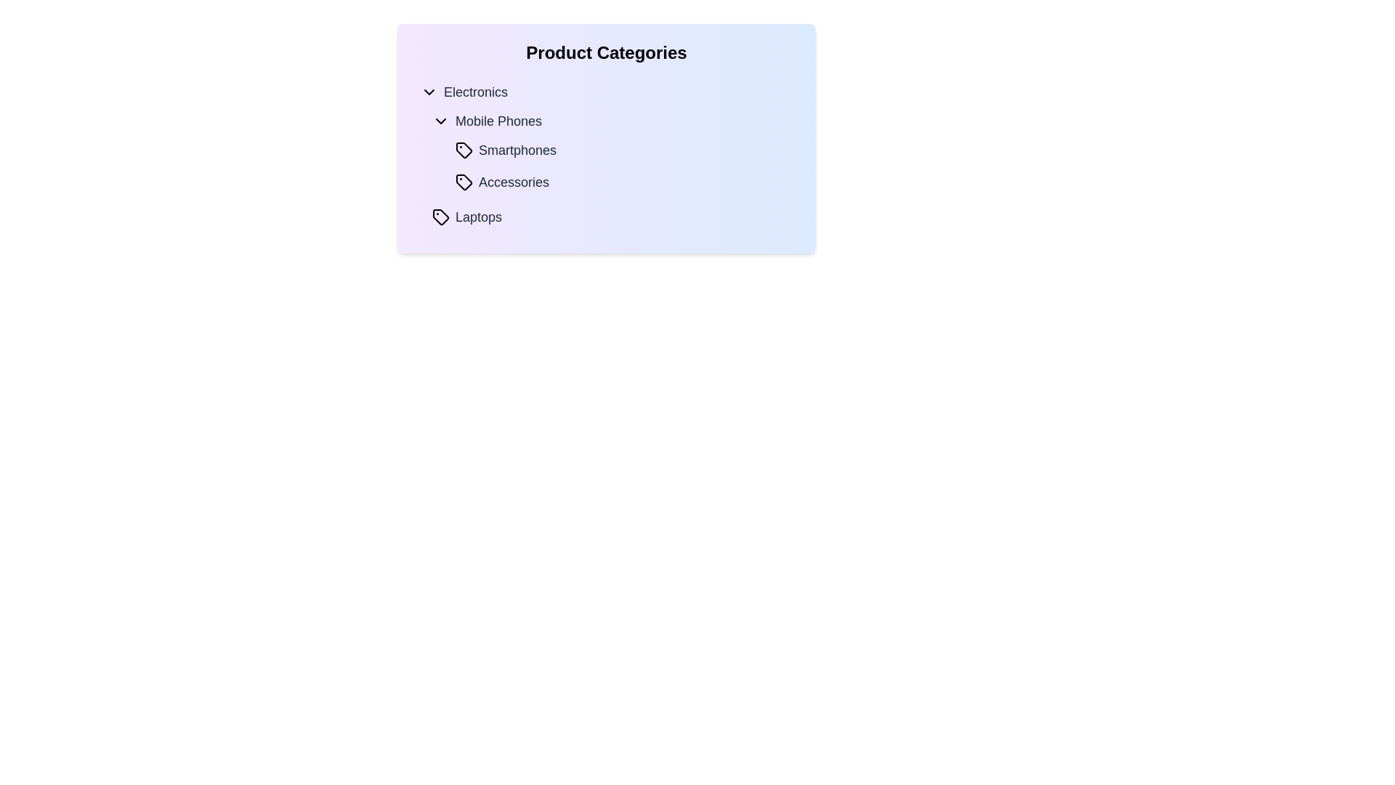 The height and width of the screenshot is (785, 1395). Describe the element at coordinates (607, 52) in the screenshot. I see `the Header Label, which serves as a title or header indicating the section or content below it, positioned at the top center inside a rounded rectangle with a gradient background` at that location.